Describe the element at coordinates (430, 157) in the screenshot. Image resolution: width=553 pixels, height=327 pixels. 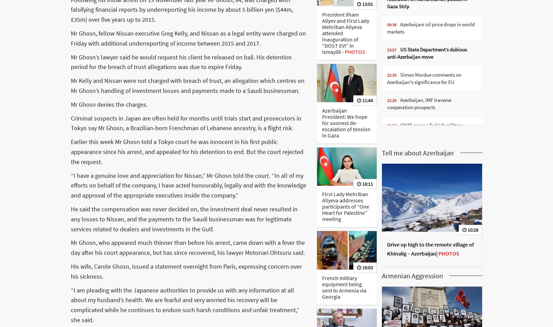
I see `'Azerbaijani Parliament Chair Sahiba Gafarova arrives on working visit to Kyrgyzstan'` at that location.